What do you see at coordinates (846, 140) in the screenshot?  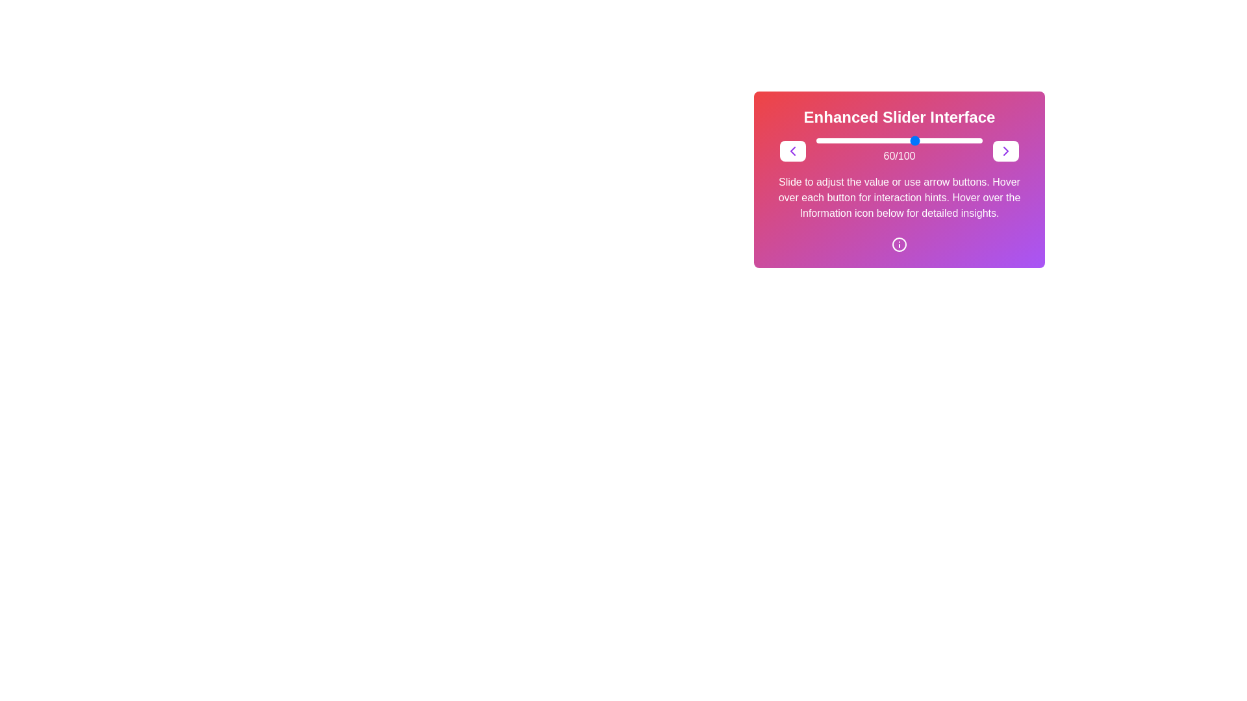 I see `the slider value` at bounding box center [846, 140].